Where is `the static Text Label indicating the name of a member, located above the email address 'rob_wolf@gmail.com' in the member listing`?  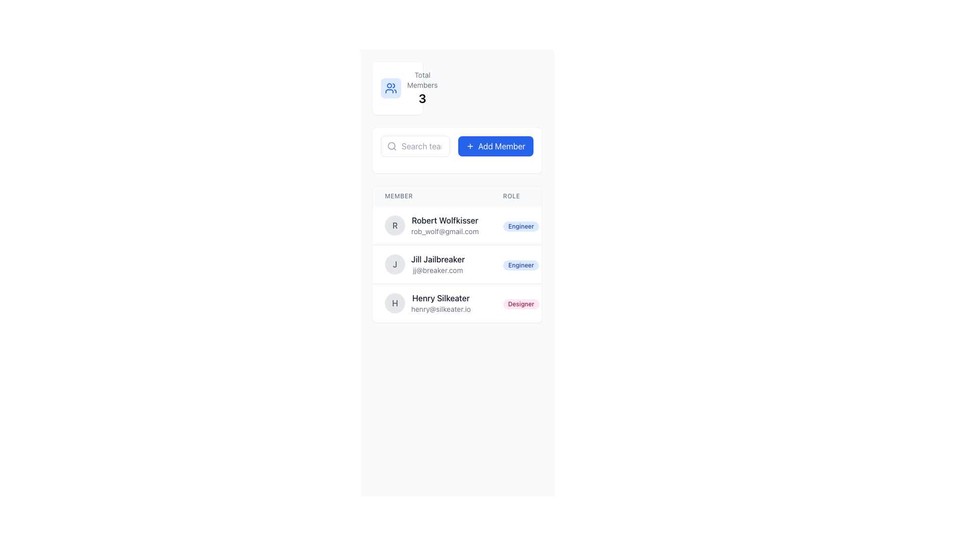
the static Text Label indicating the name of a member, located above the email address 'rob_wolf@gmail.com' in the member listing is located at coordinates (445, 220).